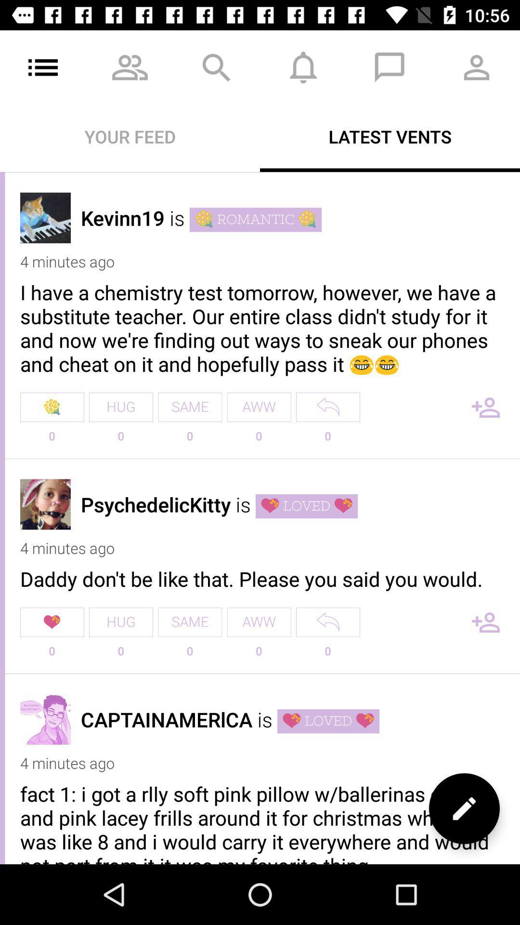  Describe the element at coordinates (486, 407) in the screenshot. I see `new contact` at that location.